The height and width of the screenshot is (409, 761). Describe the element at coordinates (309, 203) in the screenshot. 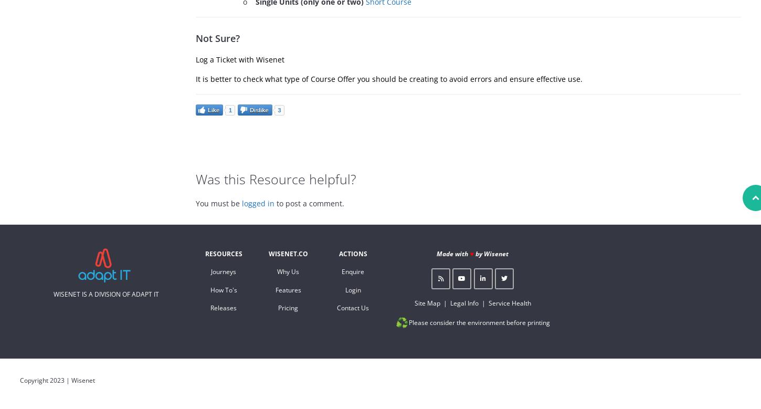

I see `'to post a comment.'` at that location.